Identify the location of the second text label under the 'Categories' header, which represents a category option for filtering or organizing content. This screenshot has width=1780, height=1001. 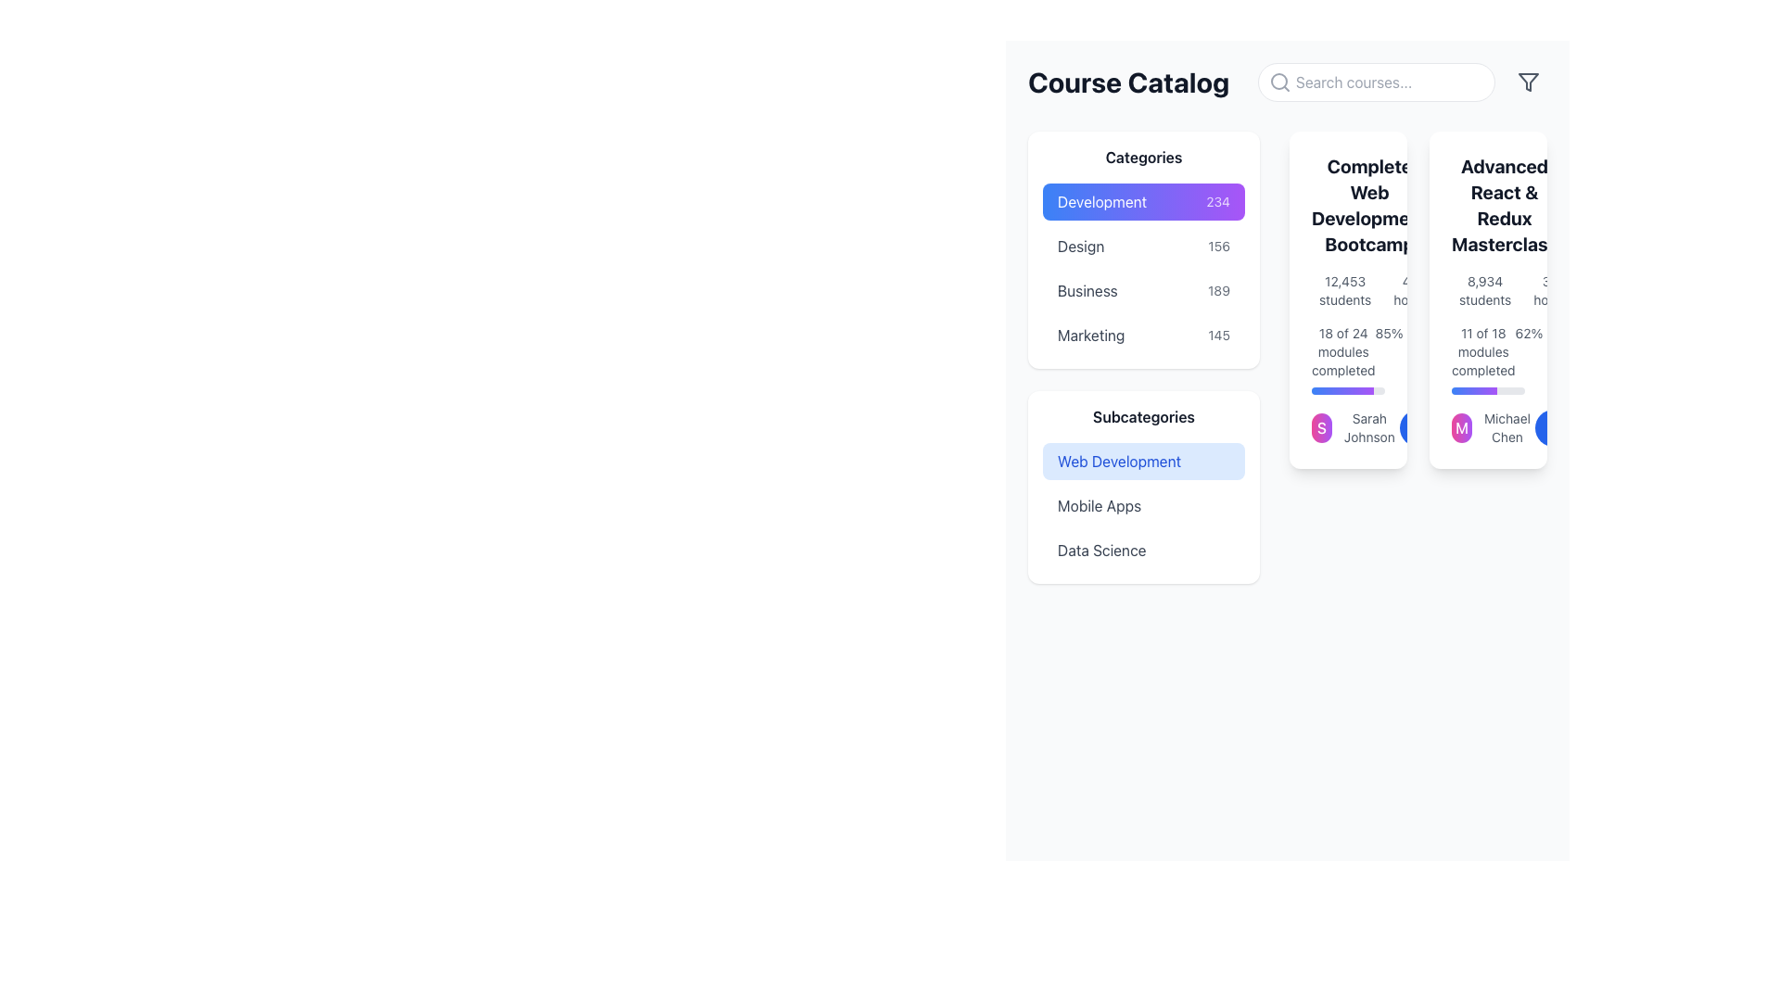
(1081, 246).